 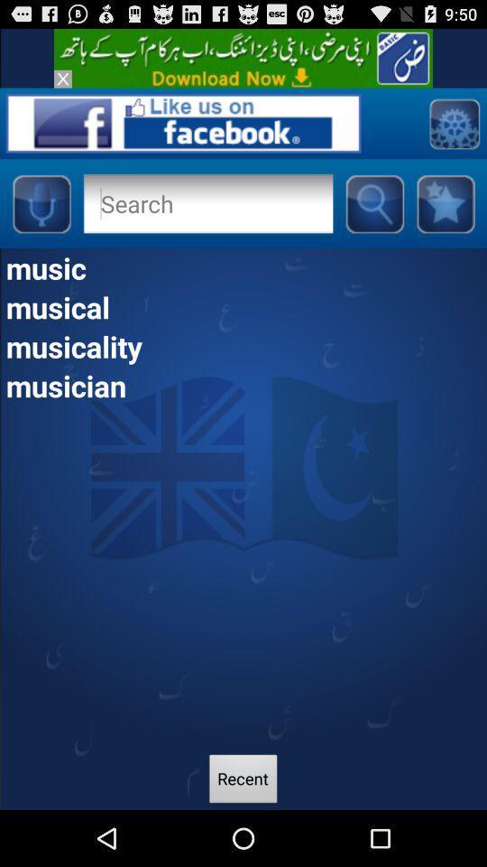 What do you see at coordinates (182, 122) in the screenshot?
I see `like us on facebook` at bounding box center [182, 122].